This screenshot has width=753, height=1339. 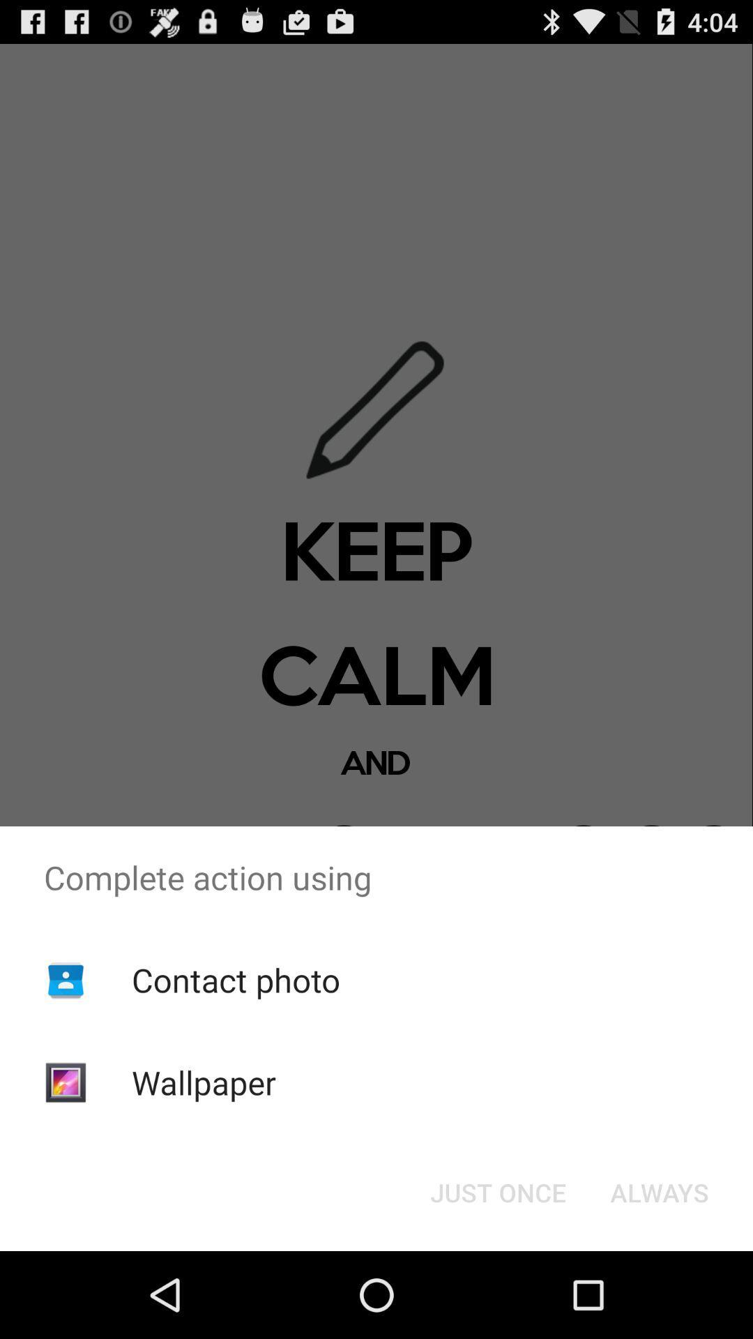 I want to click on icon below the complete action using item, so click(x=235, y=979).